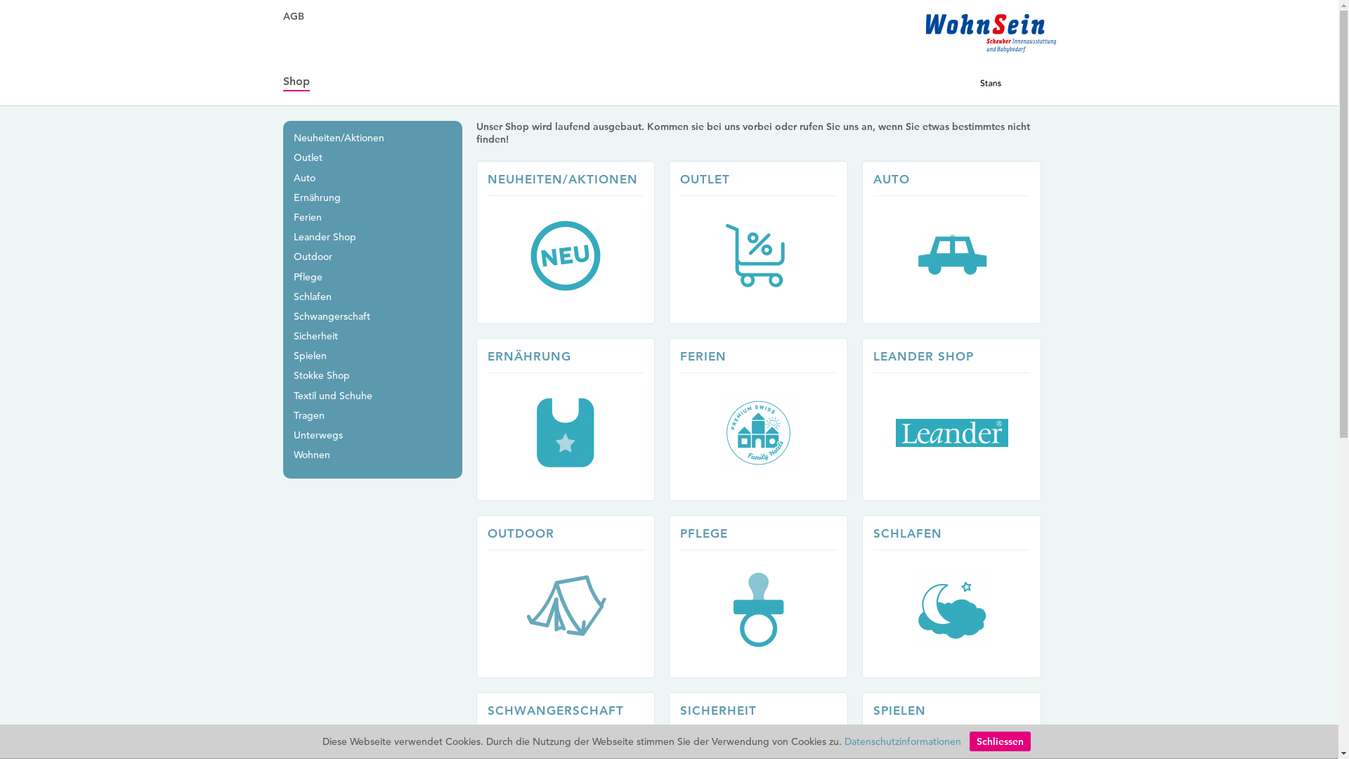 Image resolution: width=1349 pixels, height=759 pixels. I want to click on 'Pflege', so click(307, 276).